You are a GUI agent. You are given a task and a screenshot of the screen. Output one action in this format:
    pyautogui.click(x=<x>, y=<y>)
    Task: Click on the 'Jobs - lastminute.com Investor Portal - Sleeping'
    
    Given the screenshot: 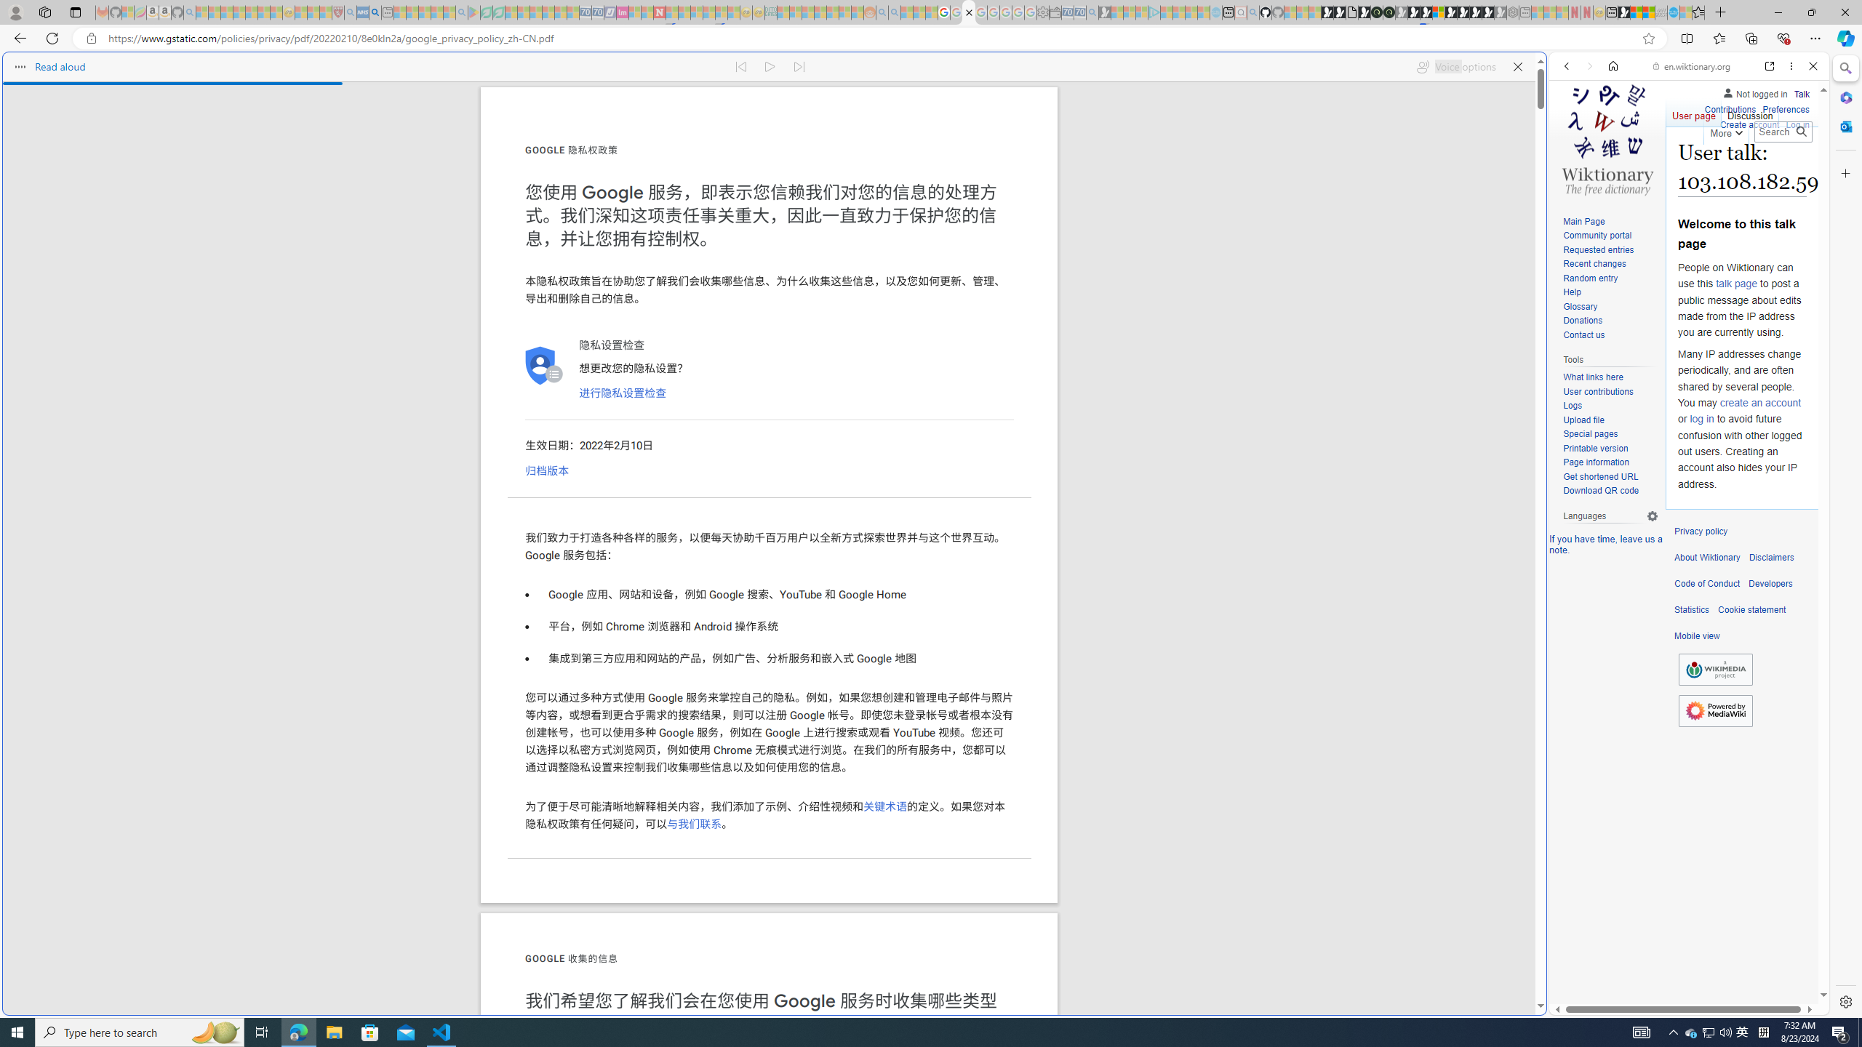 What is the action you would take?
    pyautogui.click(x=623, y=12)
    